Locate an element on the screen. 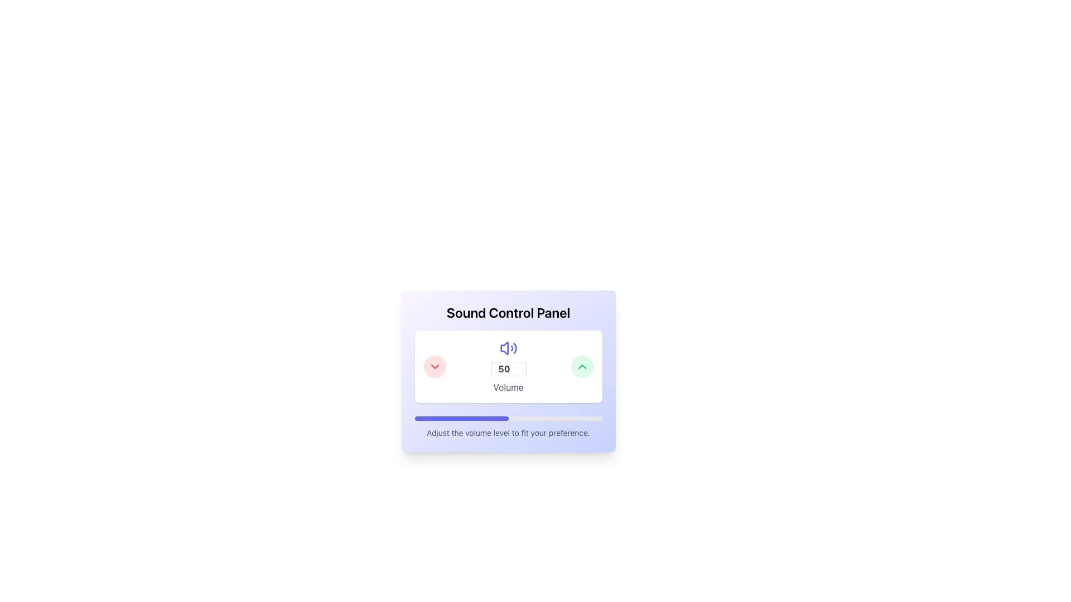 The image size is (1071, 602). to select the text in the editable numeric input control for adjusting the volume level, located centrally between the decrement and increment buttons in the Volume section below the speaker volume icon is located at coordinates (508, 369).